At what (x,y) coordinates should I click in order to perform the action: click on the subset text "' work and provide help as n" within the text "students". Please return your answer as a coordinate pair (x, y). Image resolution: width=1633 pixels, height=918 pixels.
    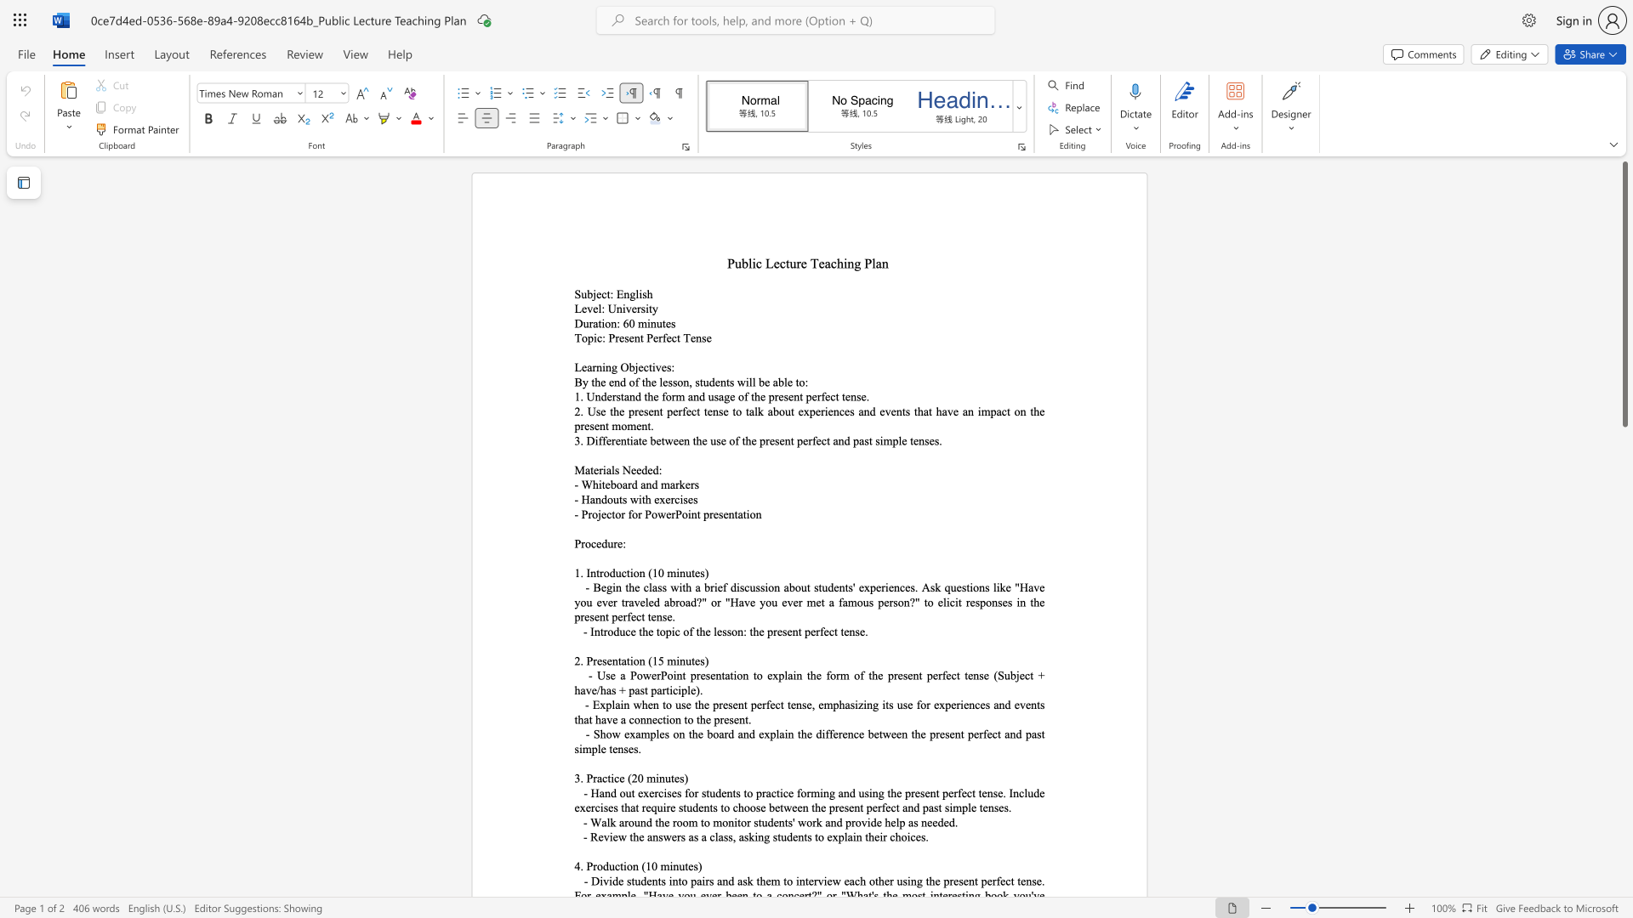
    Looking at the image, I should click on (792, 821).